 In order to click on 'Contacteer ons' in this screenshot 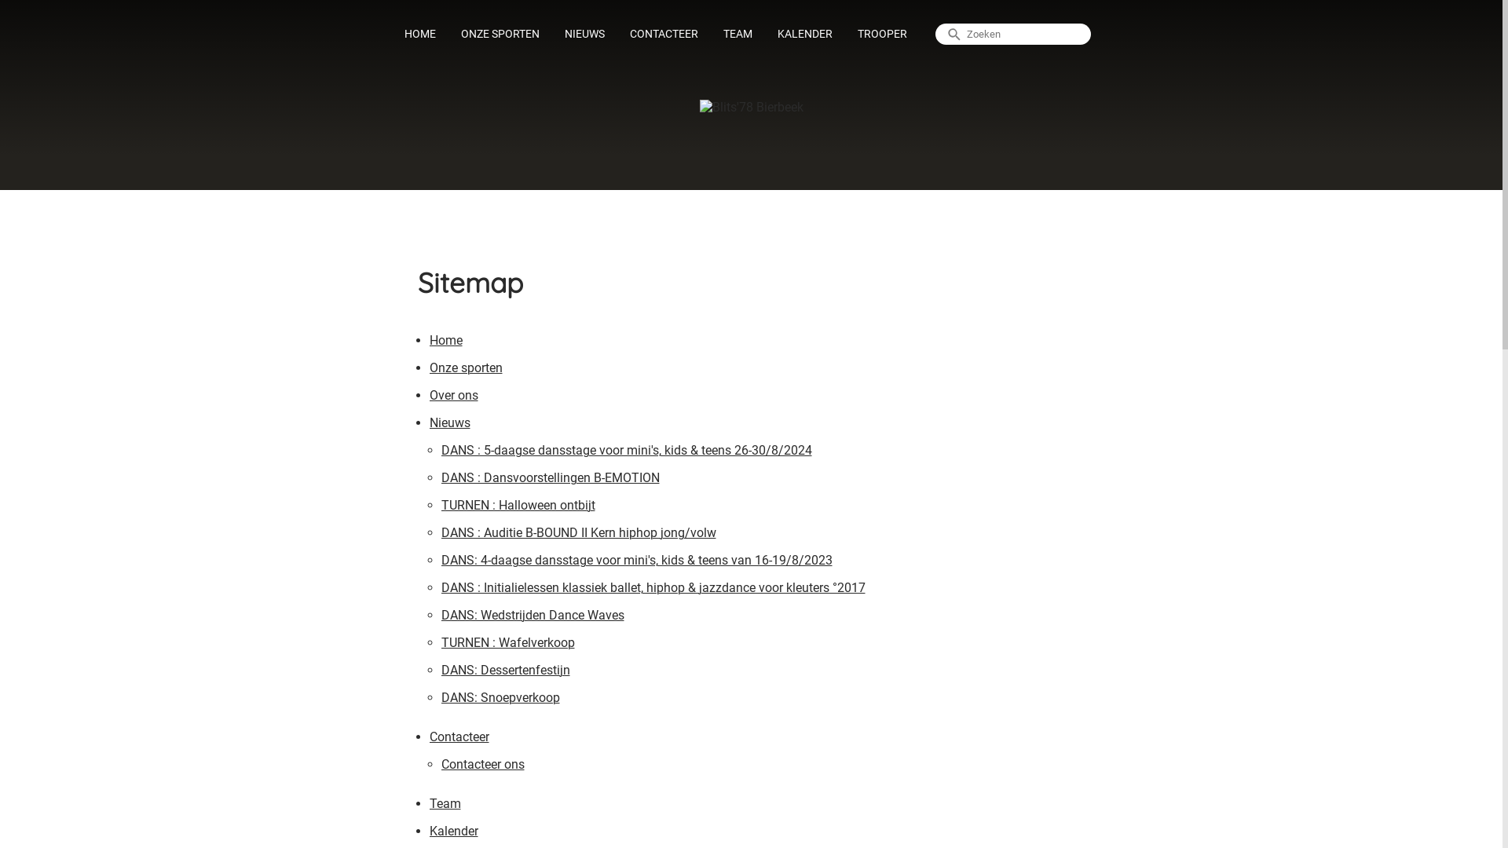, I will do `click(481, 766)`.